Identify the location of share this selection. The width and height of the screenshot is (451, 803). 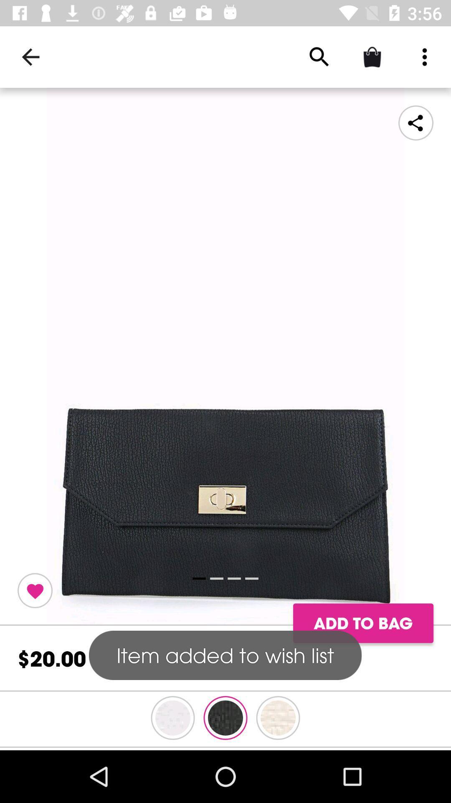
(416, 122).